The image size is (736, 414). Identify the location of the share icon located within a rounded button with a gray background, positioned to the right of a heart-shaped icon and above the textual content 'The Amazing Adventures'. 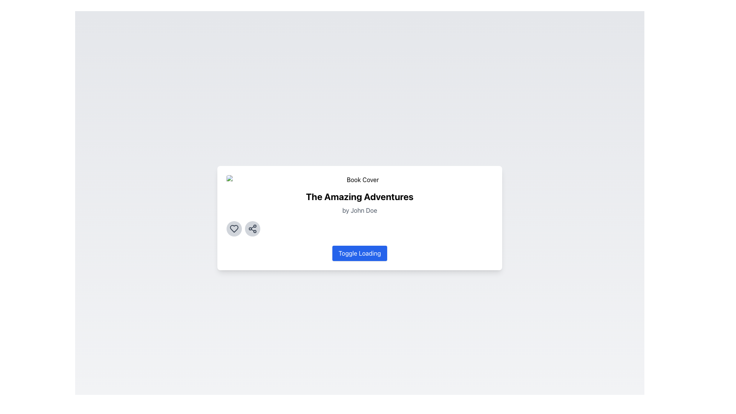
(253, 228).